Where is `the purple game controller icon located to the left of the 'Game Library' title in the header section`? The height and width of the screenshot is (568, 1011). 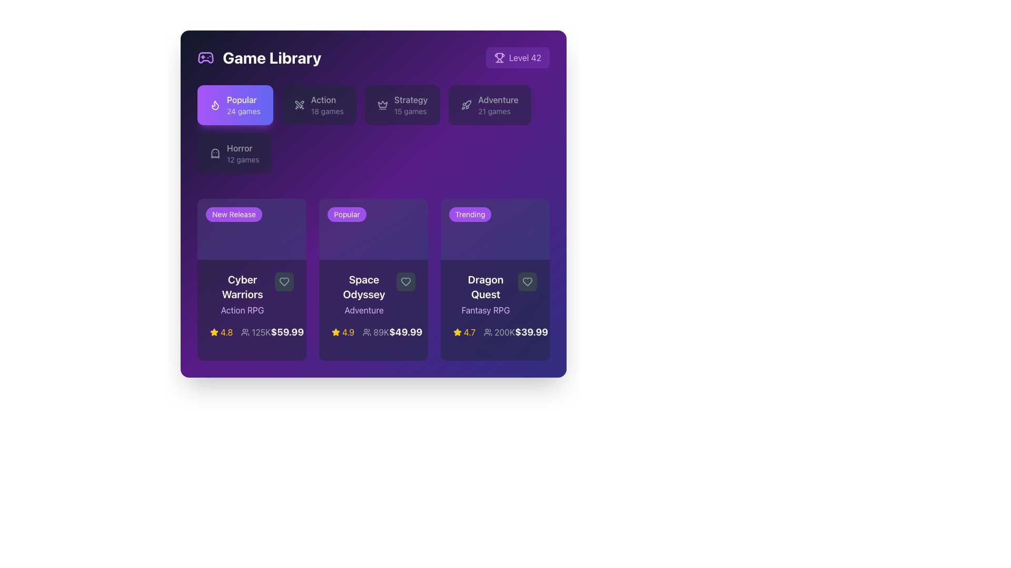 the purple game controller icon located to the left of the 'Game Library' title in the header section is located at coordinates (205, 58).